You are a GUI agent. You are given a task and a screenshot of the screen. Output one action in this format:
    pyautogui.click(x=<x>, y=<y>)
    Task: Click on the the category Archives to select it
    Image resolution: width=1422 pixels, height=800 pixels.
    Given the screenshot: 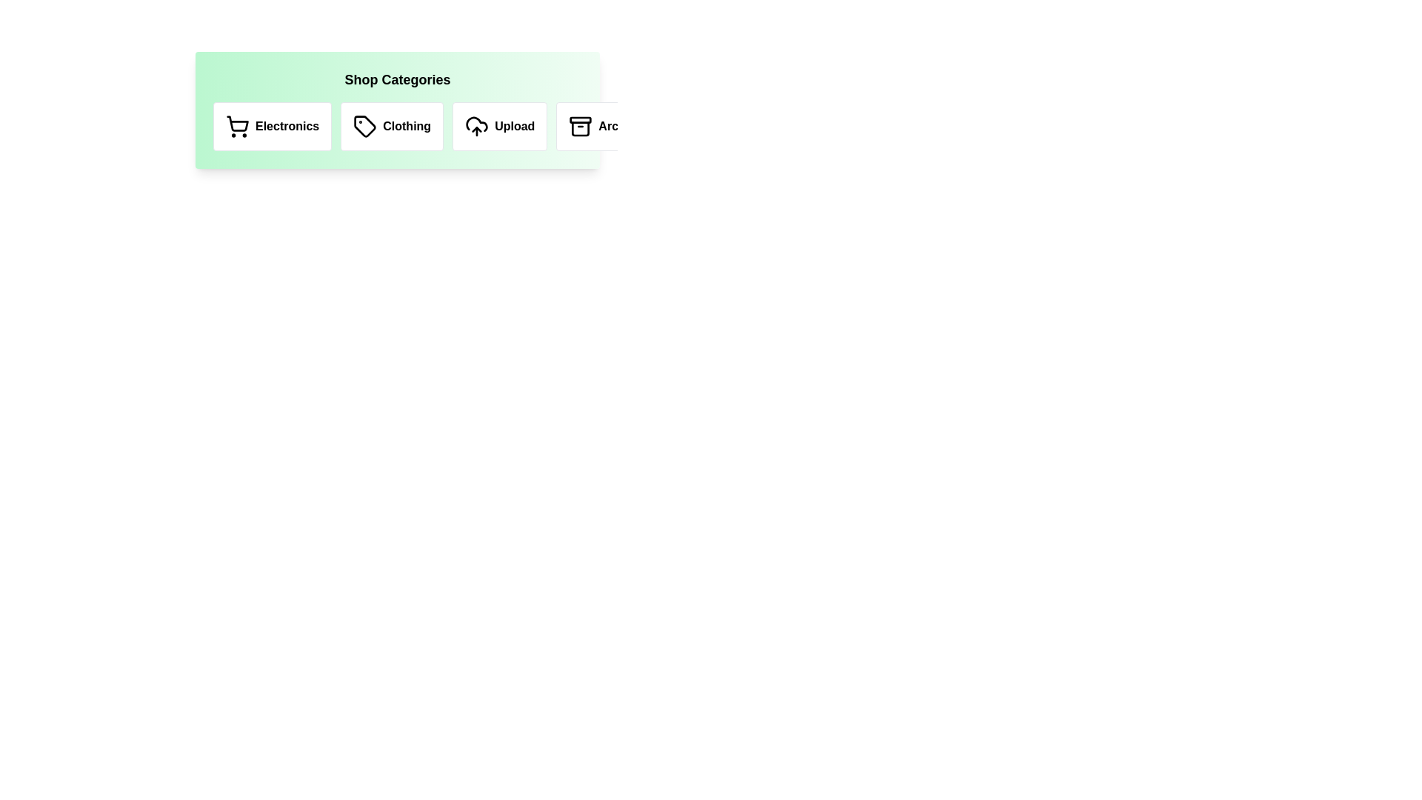 What is the action you would take?
    pyautogui.click(x=608, y=125)
    